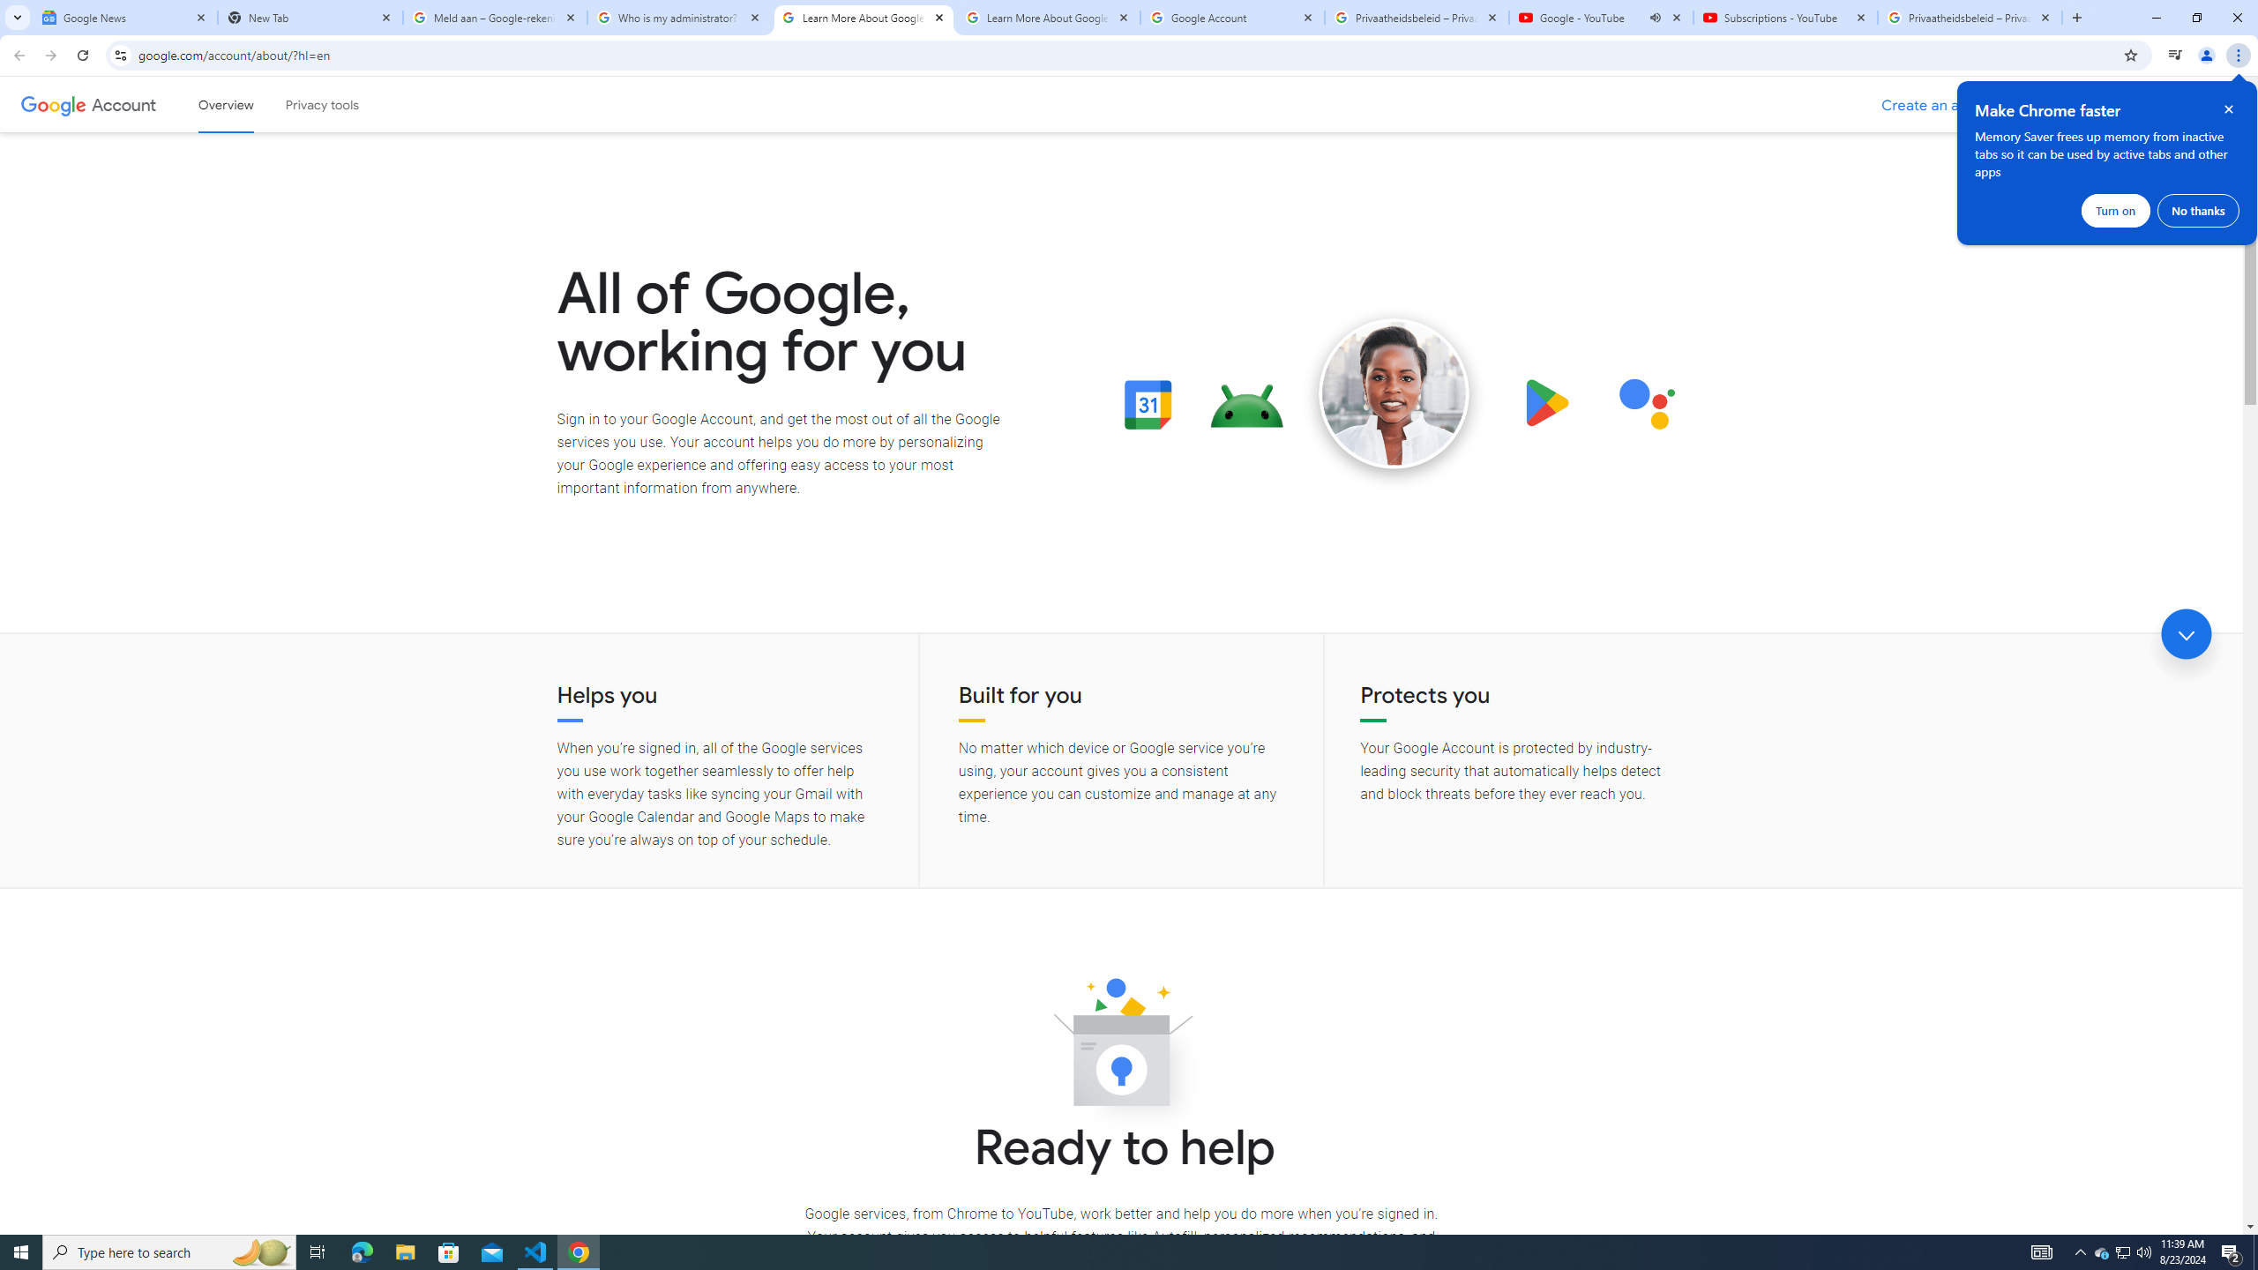  I want to click on 'Jump link', so click(2186, 634).